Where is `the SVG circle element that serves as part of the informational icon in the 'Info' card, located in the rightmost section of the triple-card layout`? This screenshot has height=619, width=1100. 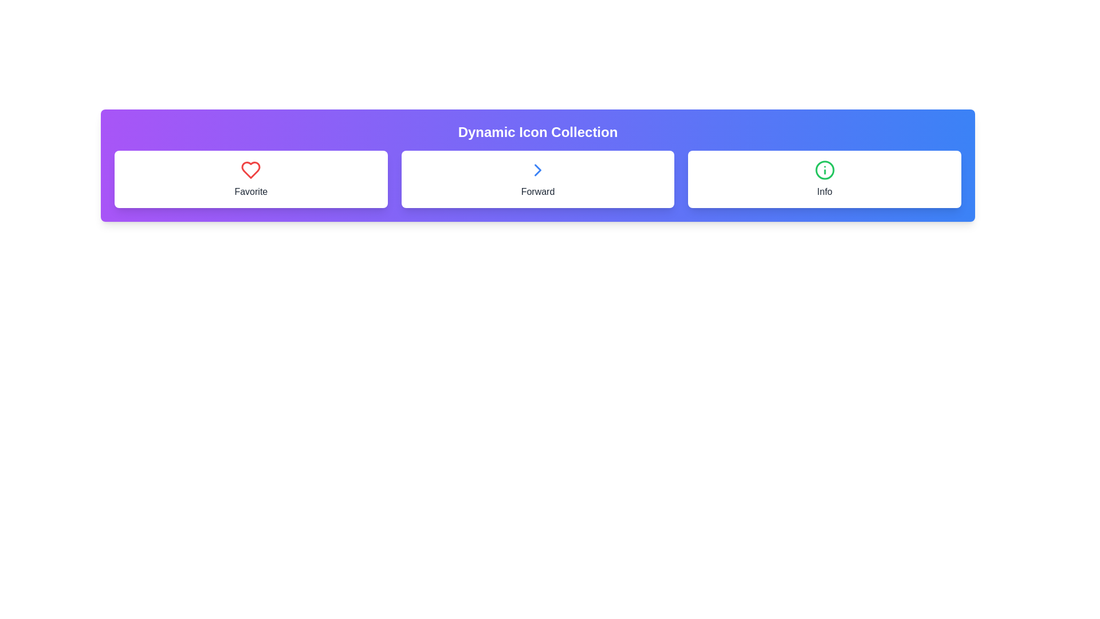 the SVG circle element that serves as part of the informational icon in the 'Info' card, located in the rightmost section of the triple-card layout is located at coordinates (824, 170).